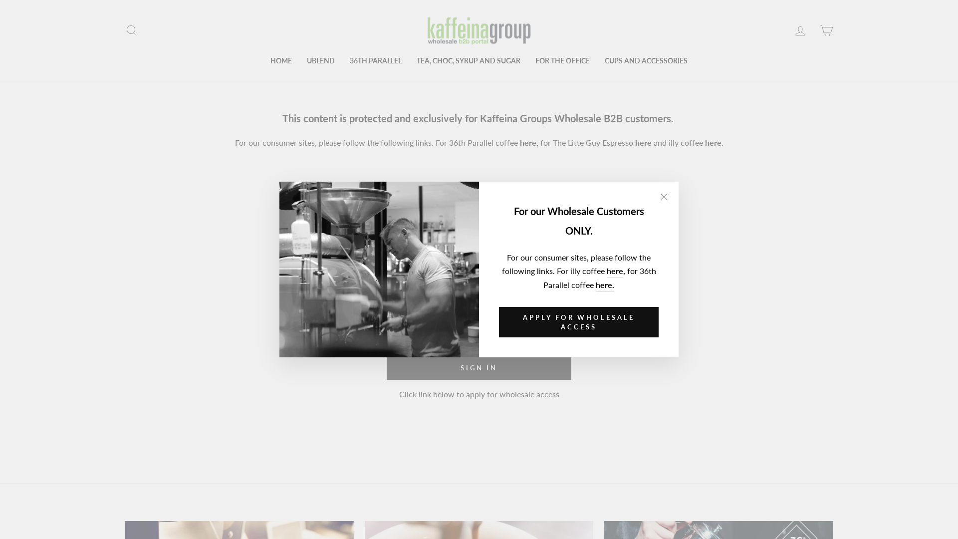 The image size is (958, 539). What do you see at coordinates (263, 61) in the screenshot?
I see `'HOME'` at bounding box center [263, 61].